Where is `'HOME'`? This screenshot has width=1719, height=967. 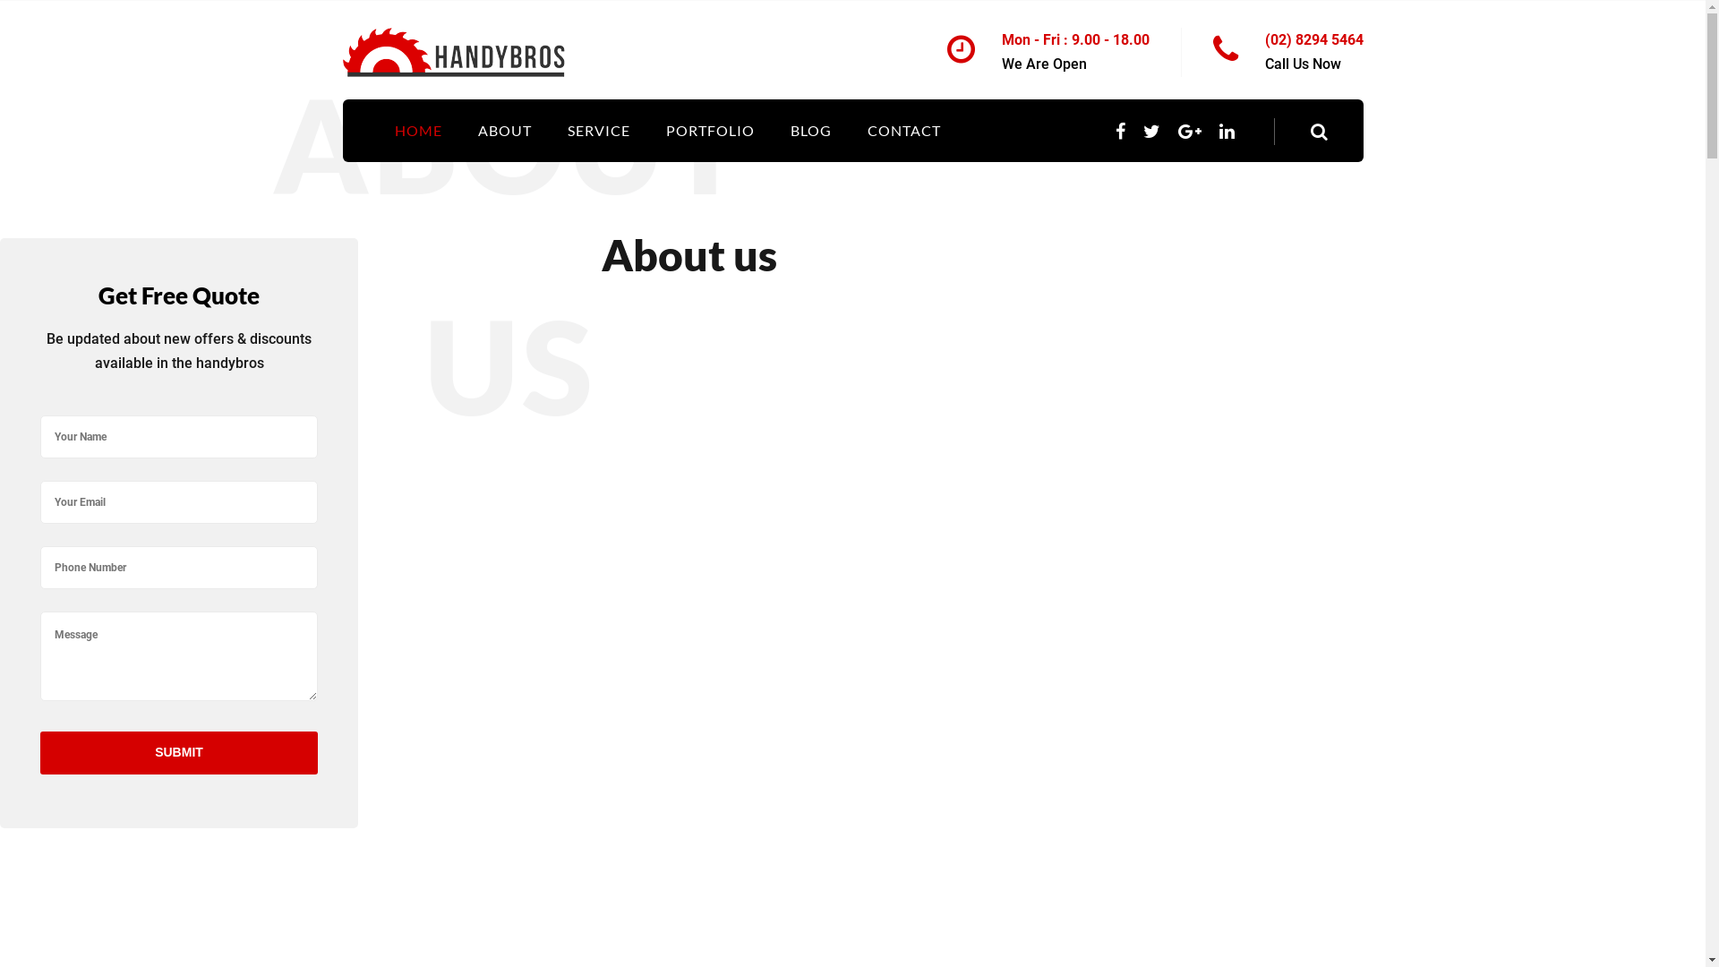 'HOME' is located at coordinates (416, 130).